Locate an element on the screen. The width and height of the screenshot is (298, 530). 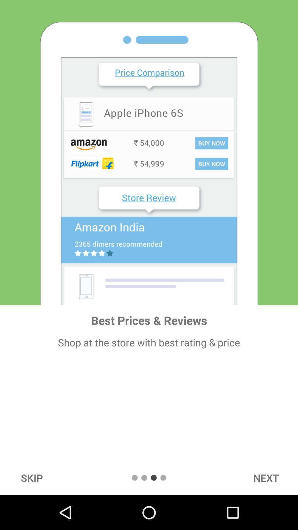
the next item is located at coordinates (266, 478).